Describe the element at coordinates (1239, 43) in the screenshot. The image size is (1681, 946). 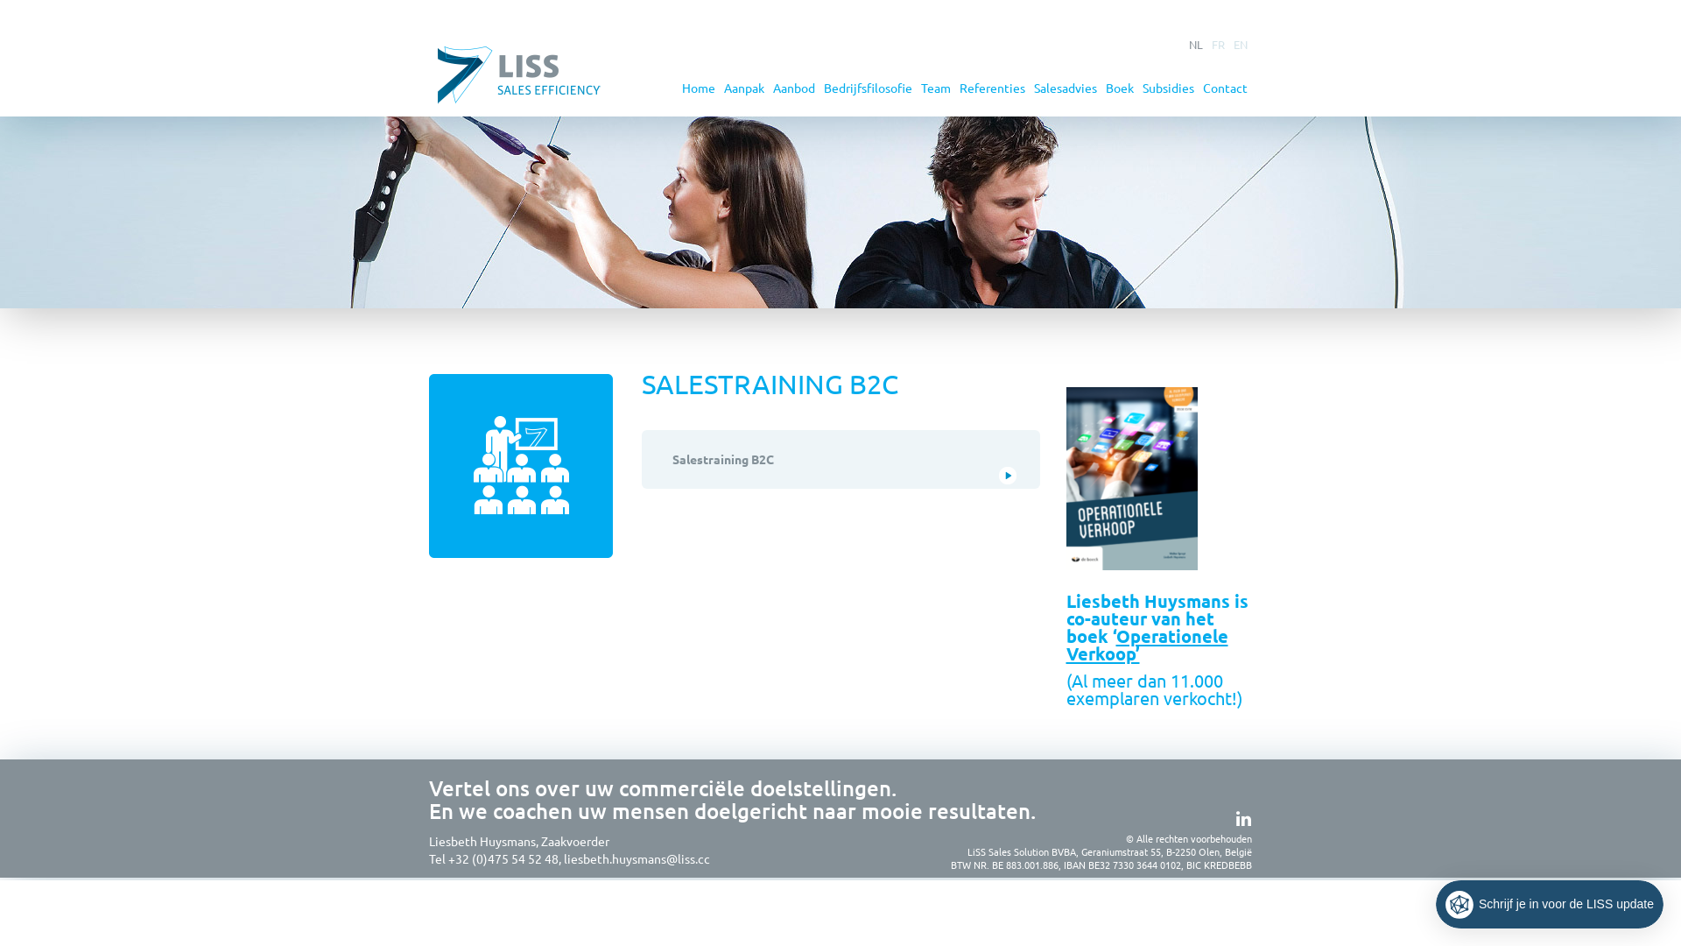
I see `'EN'` at that location.